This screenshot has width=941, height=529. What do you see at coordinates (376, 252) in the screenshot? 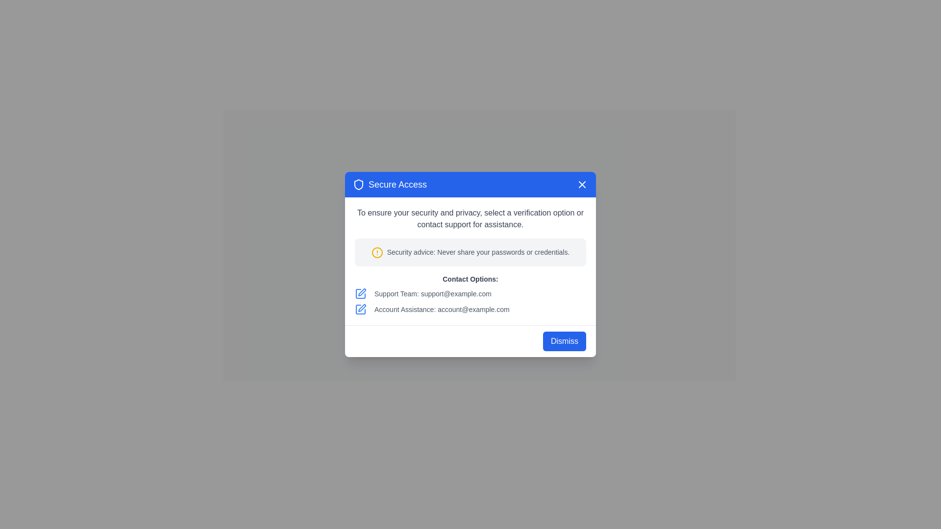
I see `circular icon with a yellow border and a white interior located within a gray box, positioned to the left of the text 'Security advice: Never share your passwords or credentials.'` at bounding box center [376, 252].